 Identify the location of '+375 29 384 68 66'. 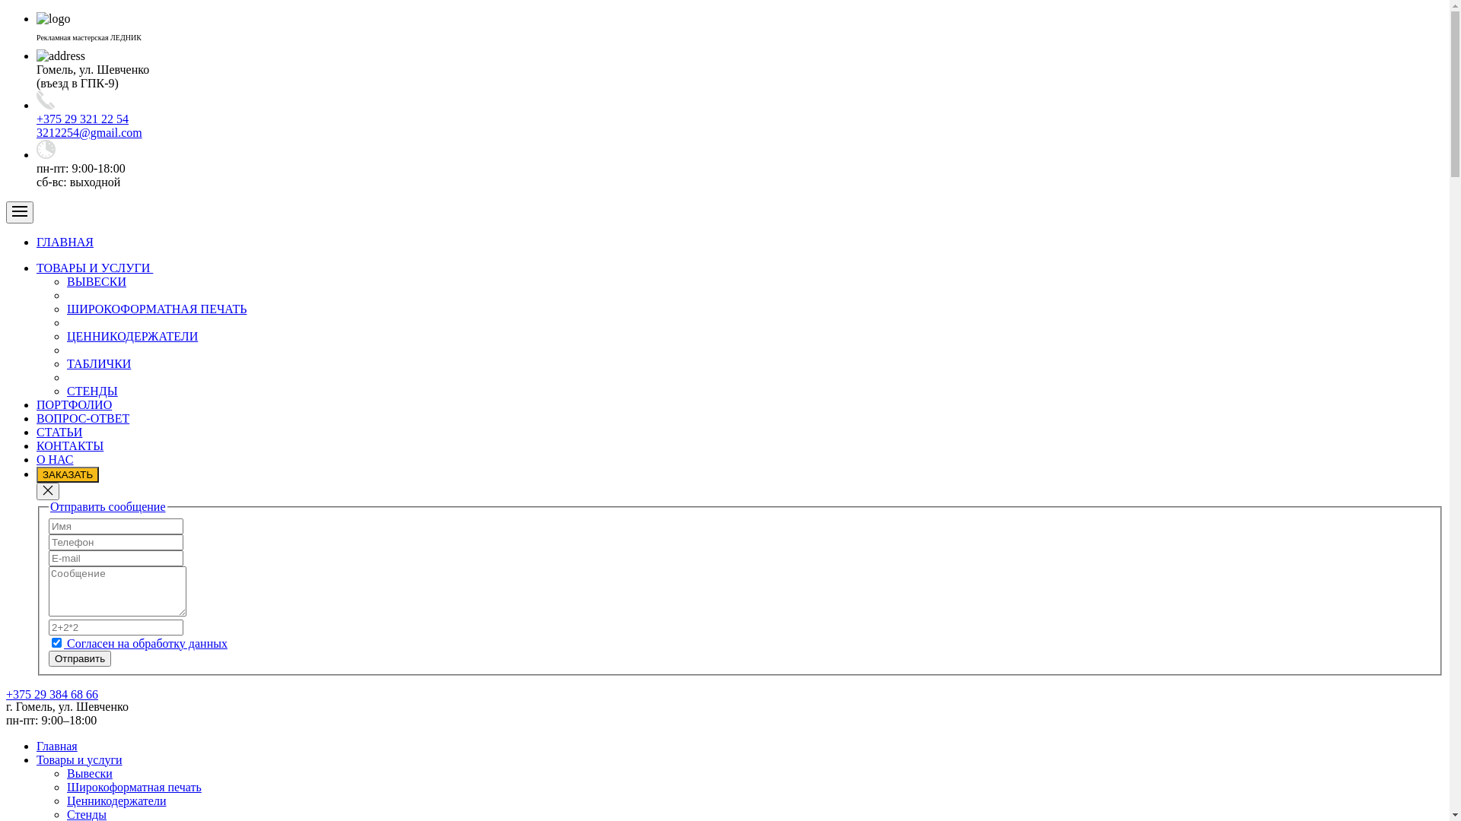
(52, 694).